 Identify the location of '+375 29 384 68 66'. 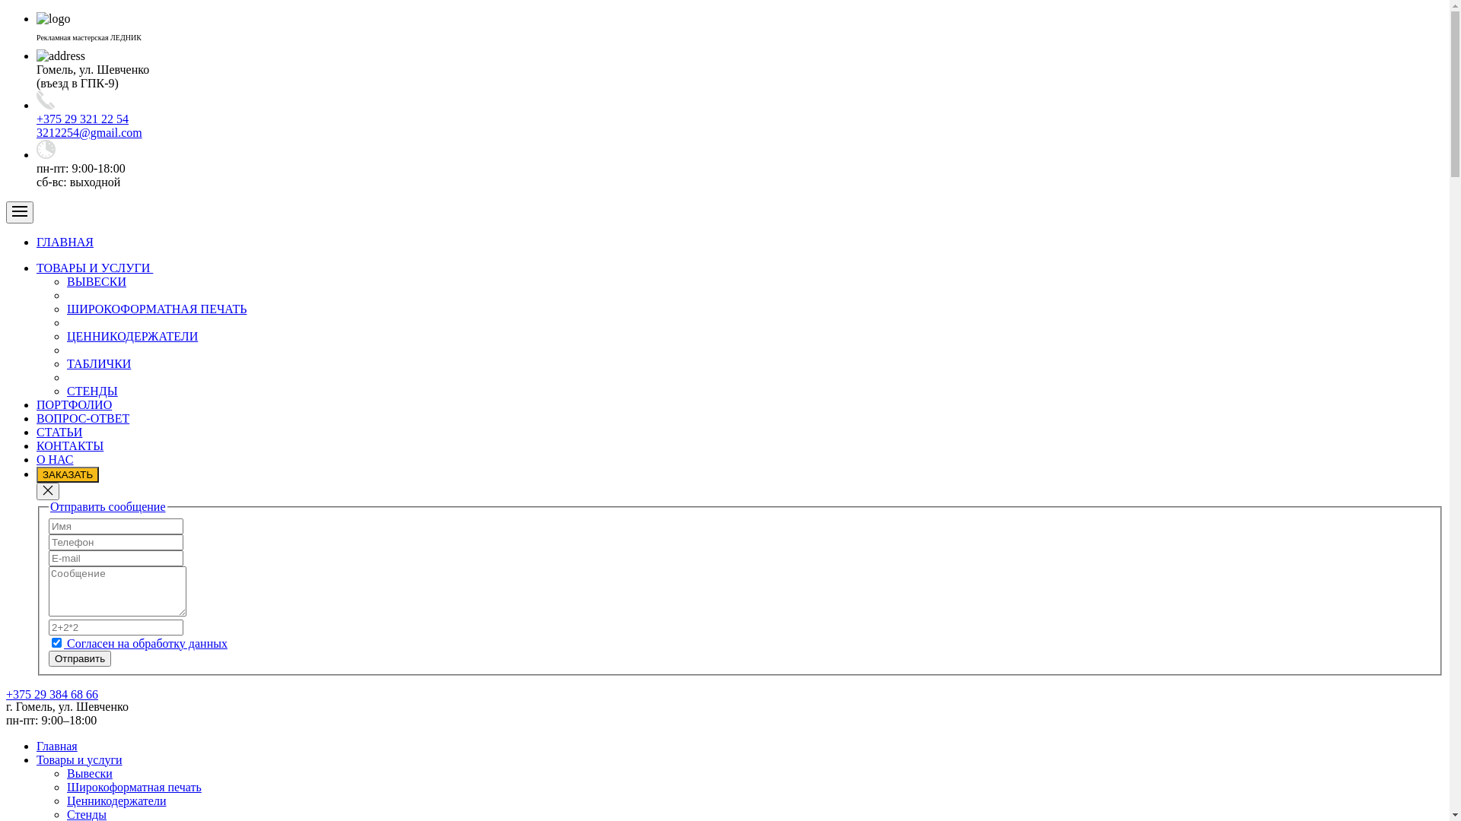
(52, 694).